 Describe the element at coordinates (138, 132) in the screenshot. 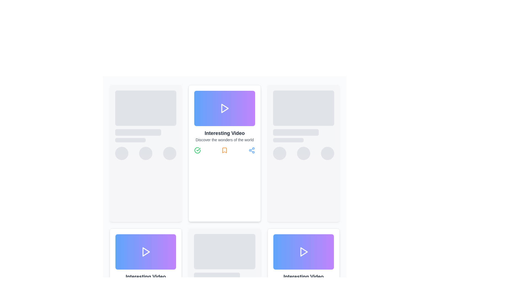

I see `the decorative or placeholder component that indicates a loading state, positioned in the middle-left card of the layout above a horizontal bar and three circular elements` at that location.